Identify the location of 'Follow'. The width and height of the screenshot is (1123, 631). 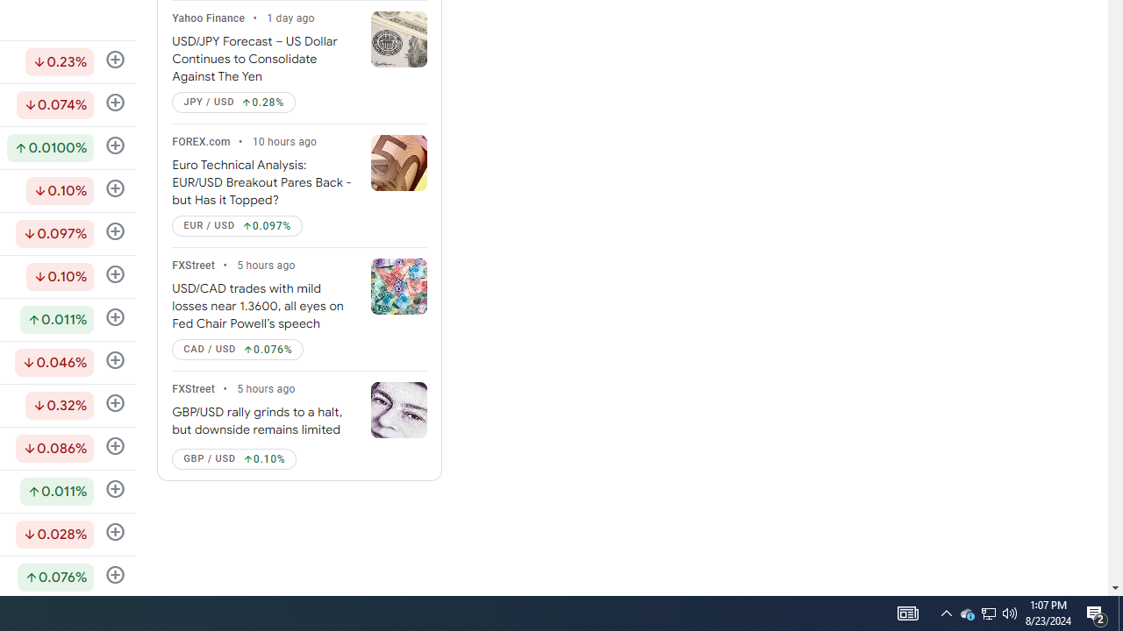
(114, 576).